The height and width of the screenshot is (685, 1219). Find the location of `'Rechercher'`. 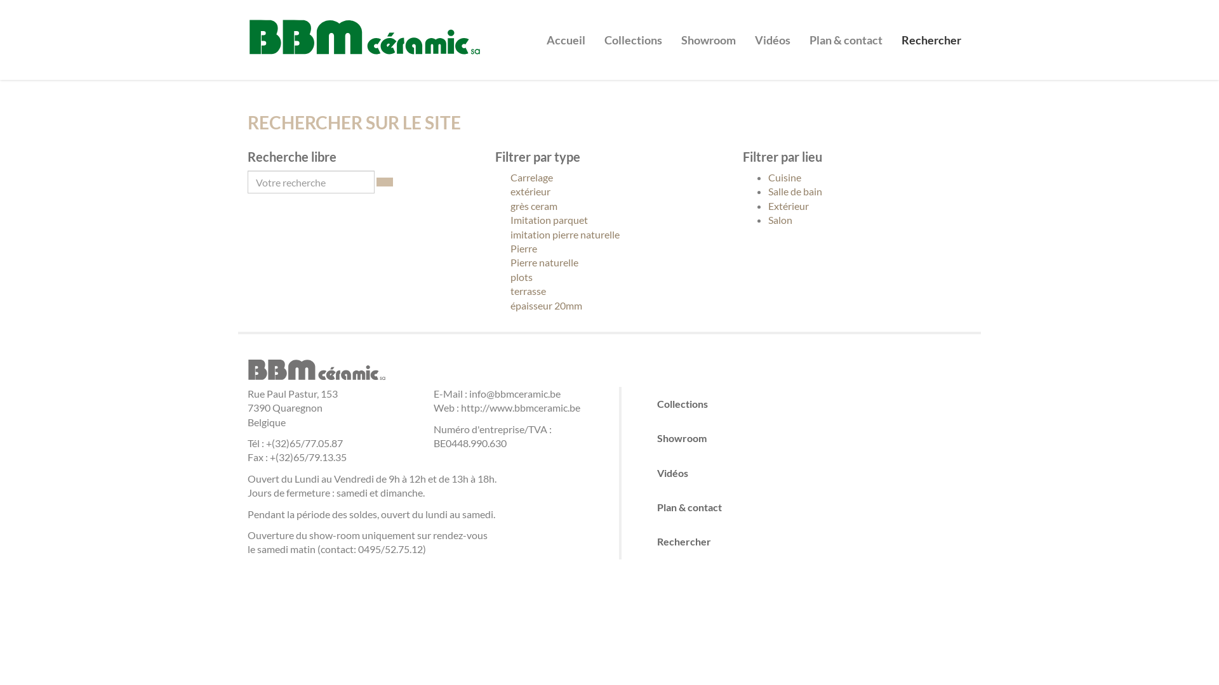

'Rechercher' is located at coordinates (931, 29).